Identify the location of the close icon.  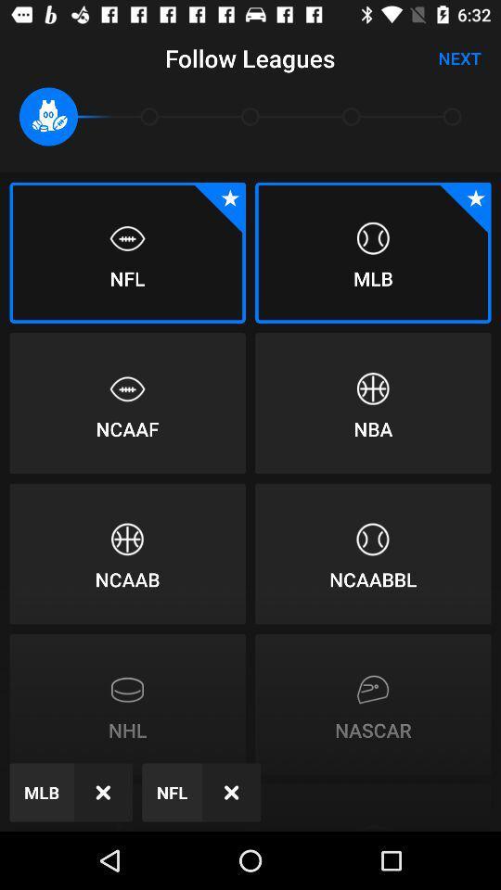
(231, 791).